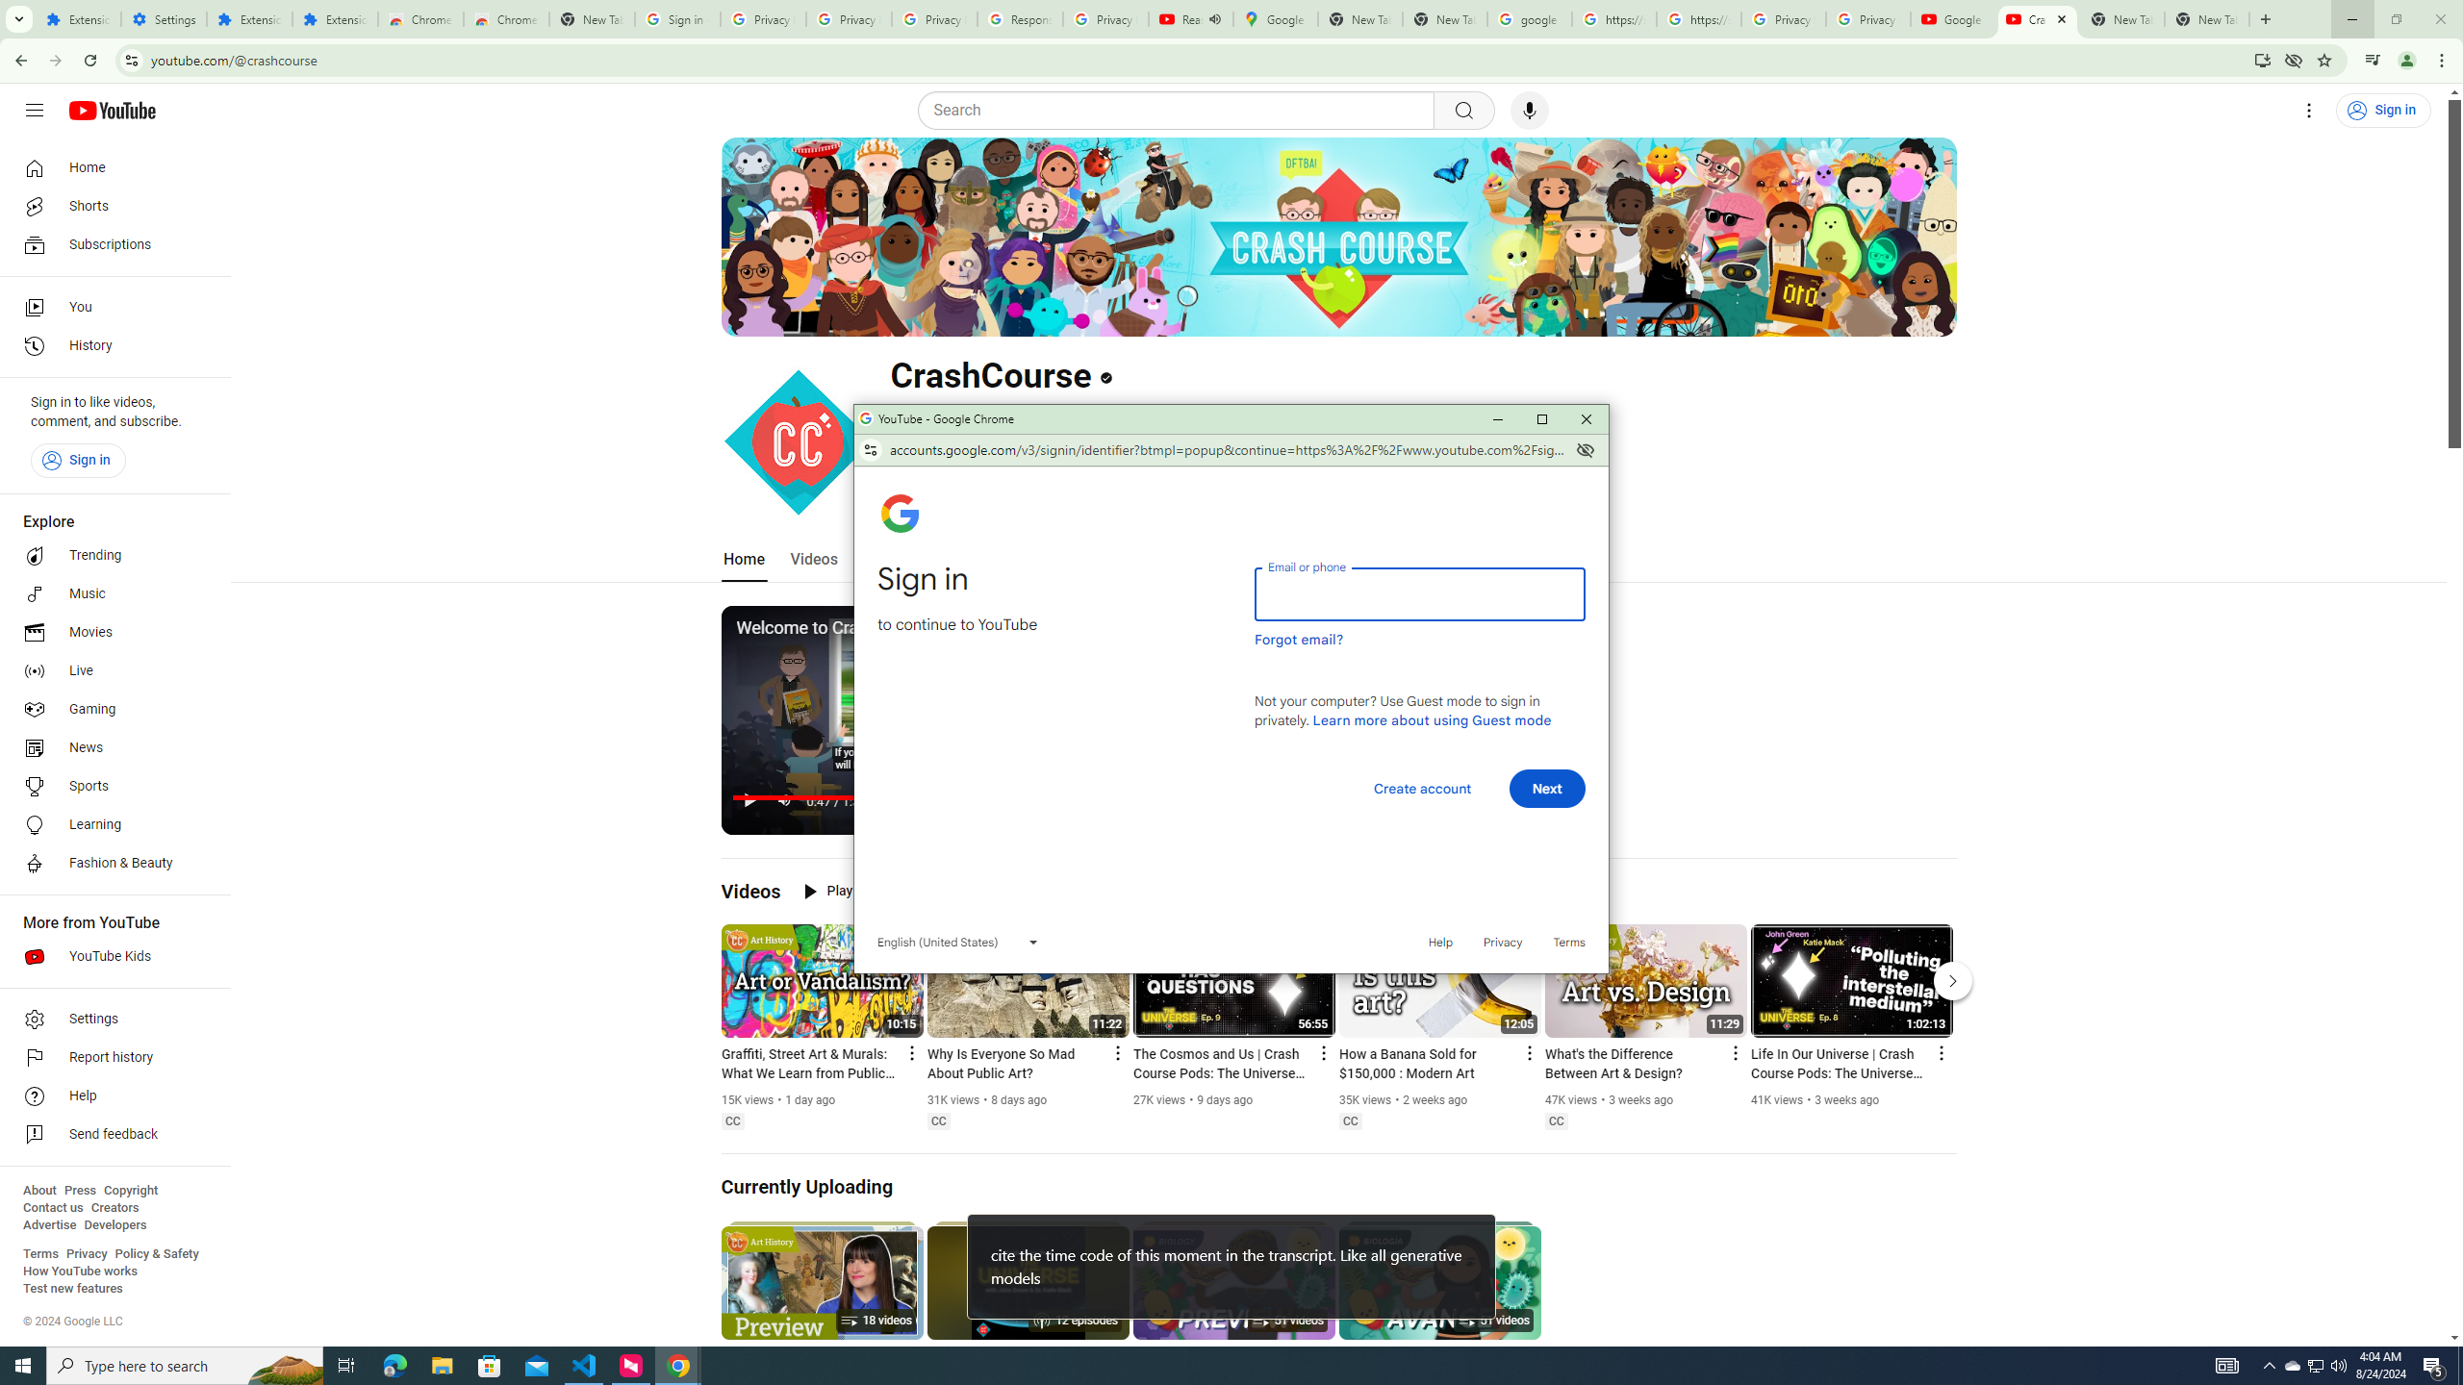  What do you see at coordinates (109, 785) in the screenshot?
I see `'Sports'` at bounding box center [109, 785].